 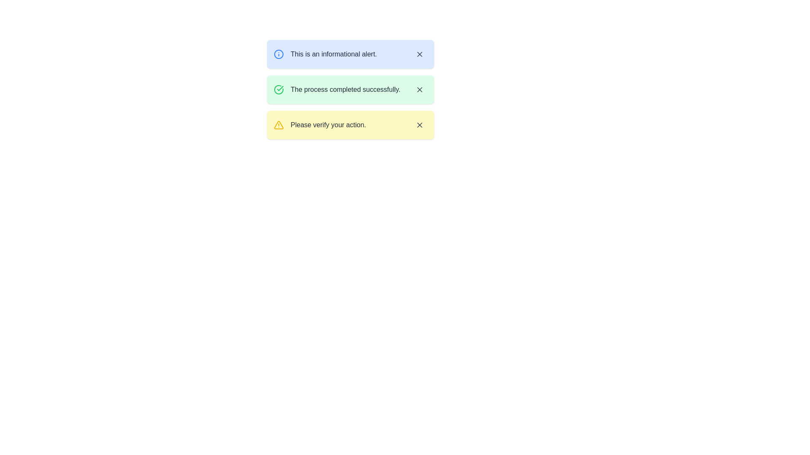 What do you see at coordinates (419, 125) in the screenshot?
I see `the small 'X' icon on the right end of the yellow warning banner that contains the text 'Please verify your action.'` at bounding box center [419, 125].